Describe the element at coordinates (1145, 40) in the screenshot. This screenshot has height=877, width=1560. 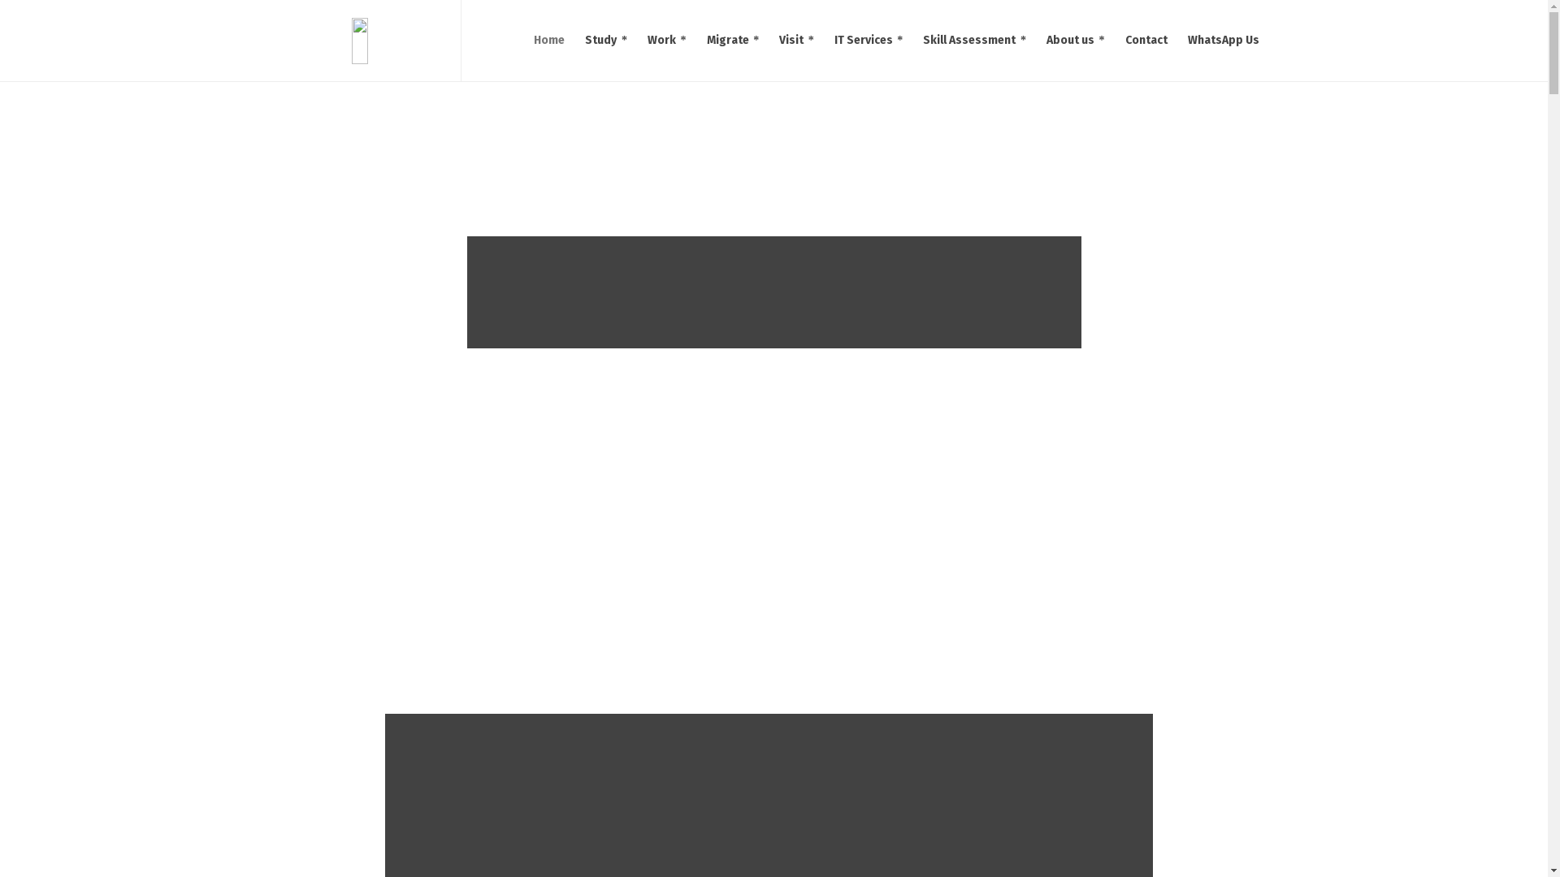
I see `'Contact'` at that location.